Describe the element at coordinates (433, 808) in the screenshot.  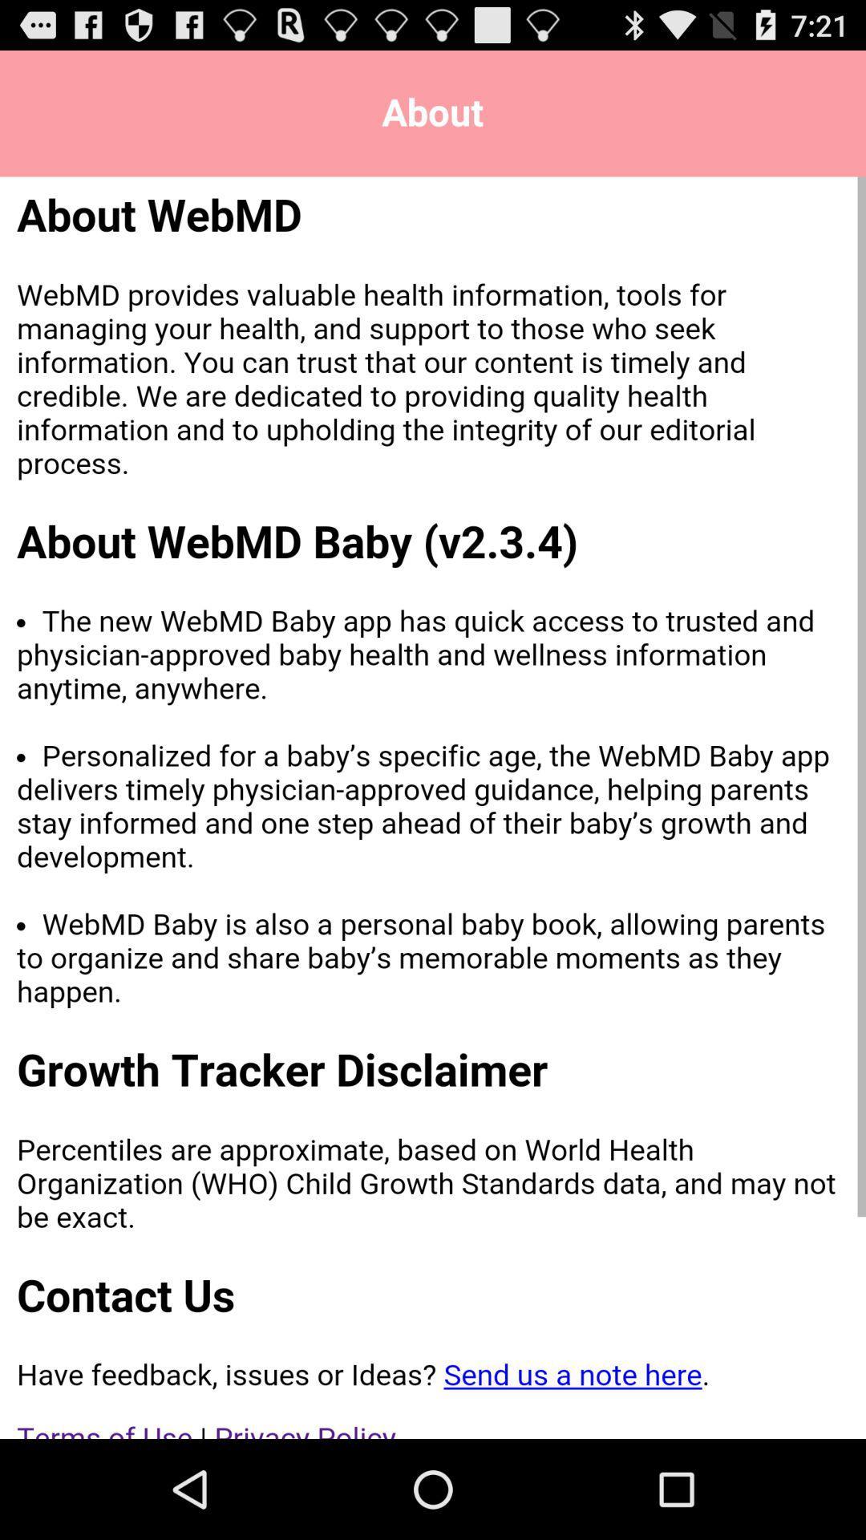
I see `seeing in the parargraph` at that location.